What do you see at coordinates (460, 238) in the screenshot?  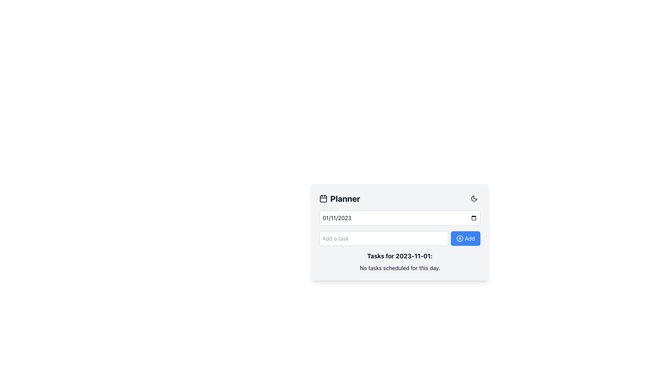 I see `the 'add' icon located to the left of the 'Add' label in the bottom right button of the planner section` at bounding box center [460, 238].